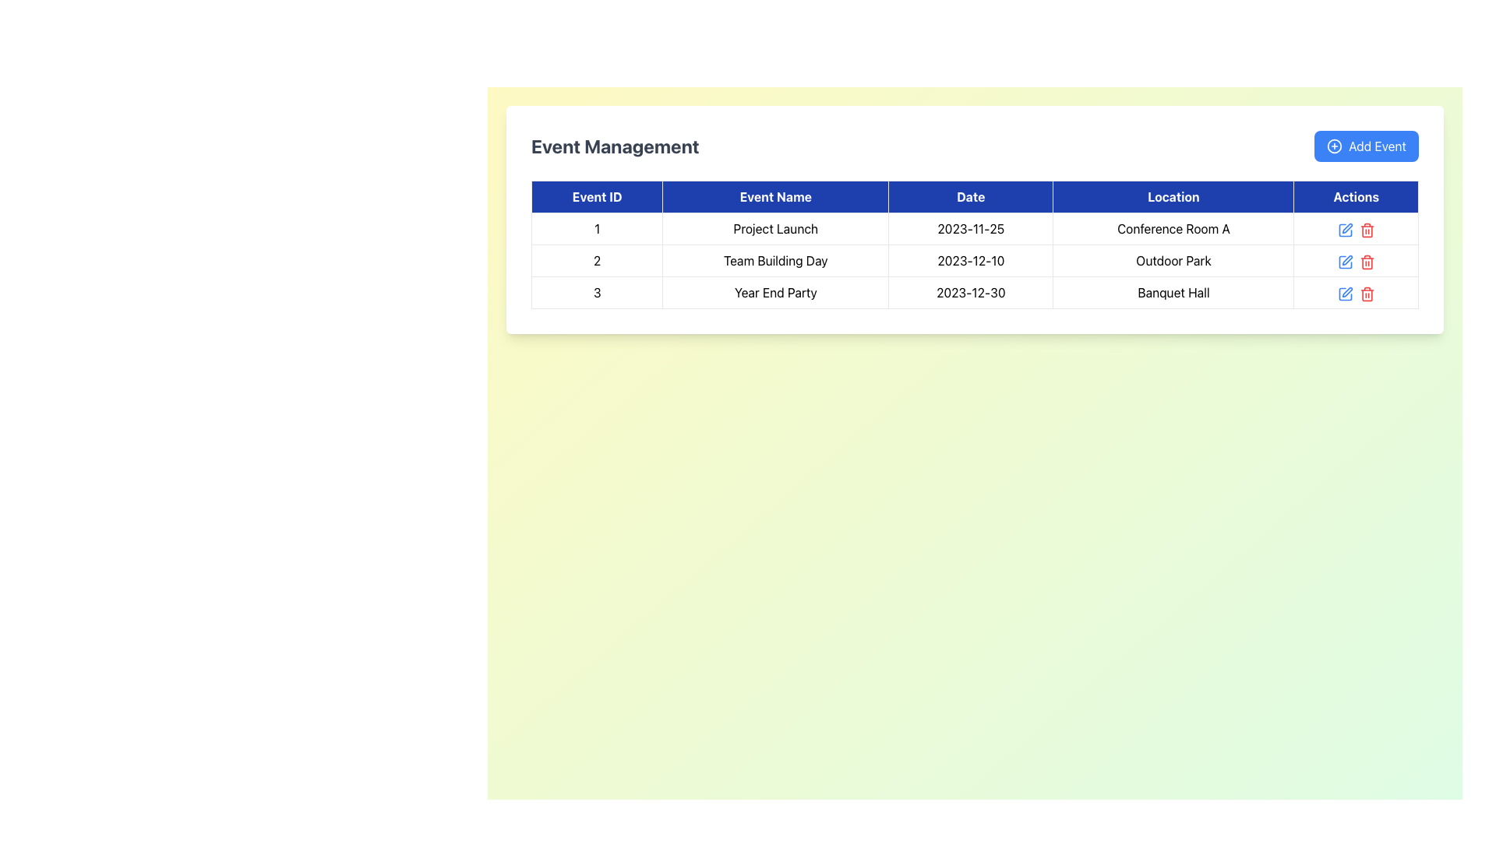  I want to click on the text label displaying 'Project Launch' in the 'Event Name' column of the table, so click(775, 228).